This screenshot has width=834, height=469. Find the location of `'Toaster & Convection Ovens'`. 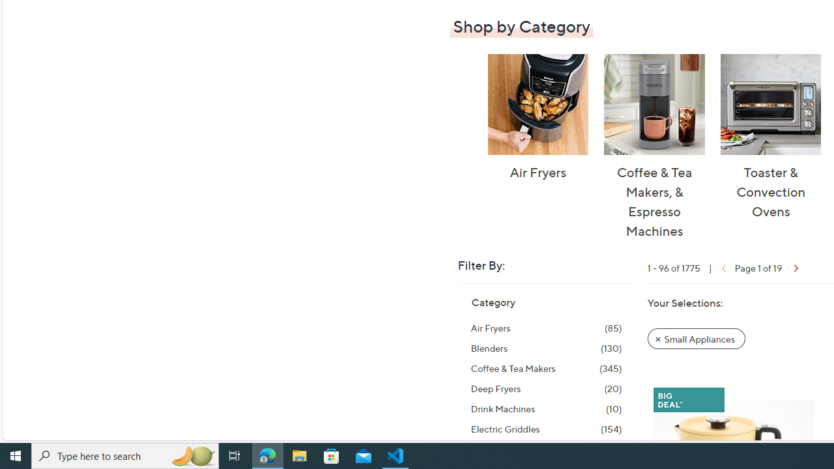

'Toaster & Convection Ovens' is located at coordinates (770, 104).